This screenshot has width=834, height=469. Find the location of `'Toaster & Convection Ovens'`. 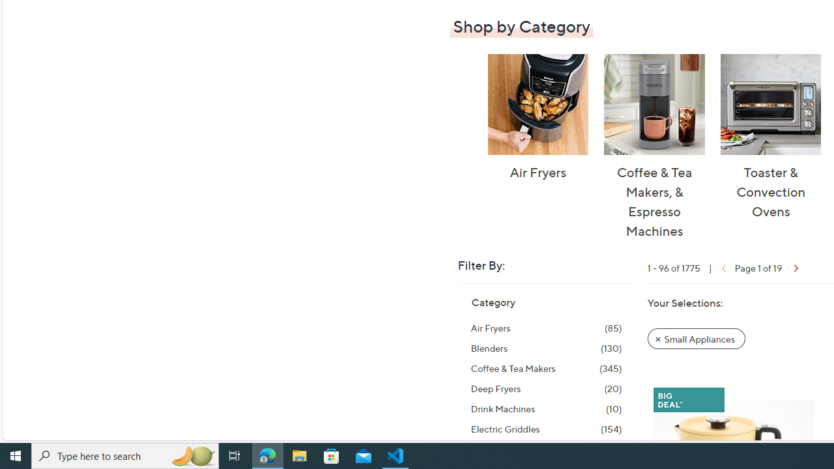

'Toaster & Convection Ovens' is located at coordinates (770, 104).